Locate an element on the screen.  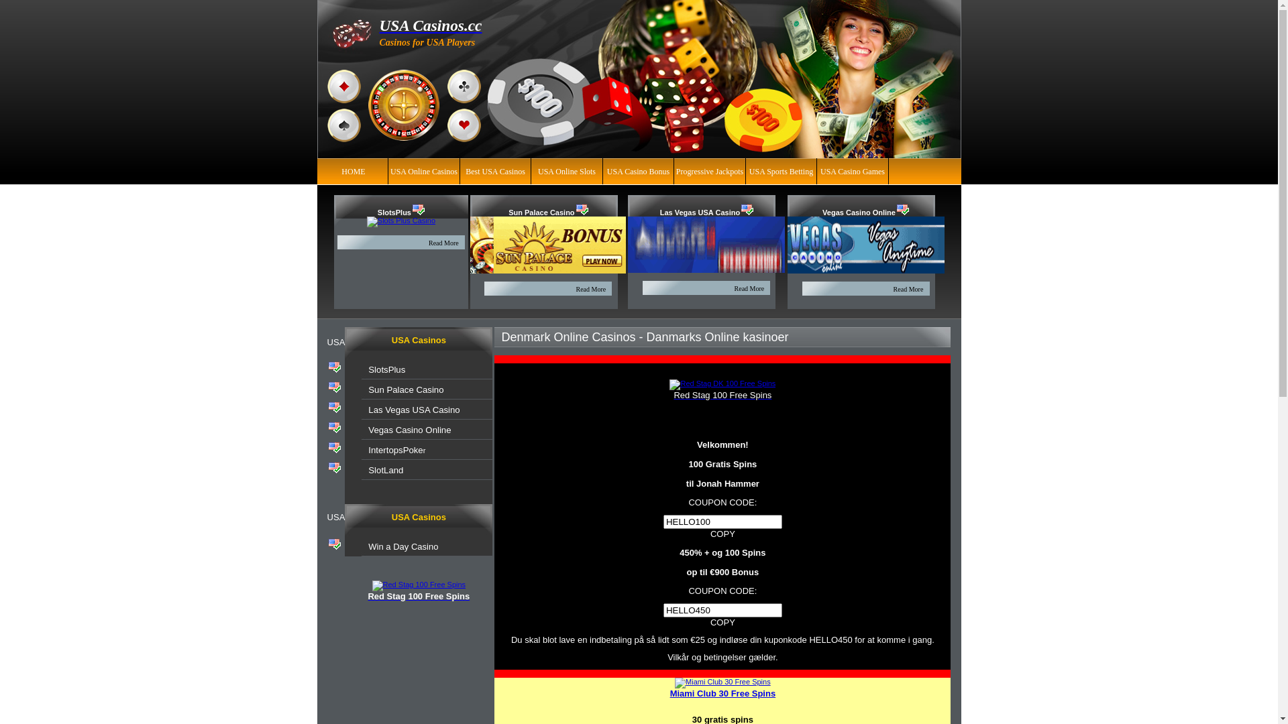
'USA Online Slots' is located at coordinates (566, 170).